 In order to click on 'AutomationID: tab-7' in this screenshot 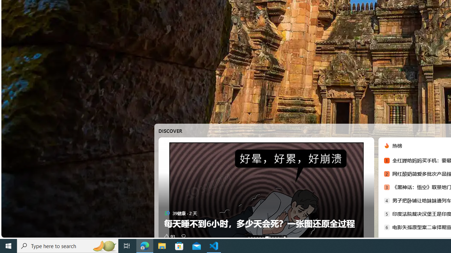, I will do `click(272, 237)`.